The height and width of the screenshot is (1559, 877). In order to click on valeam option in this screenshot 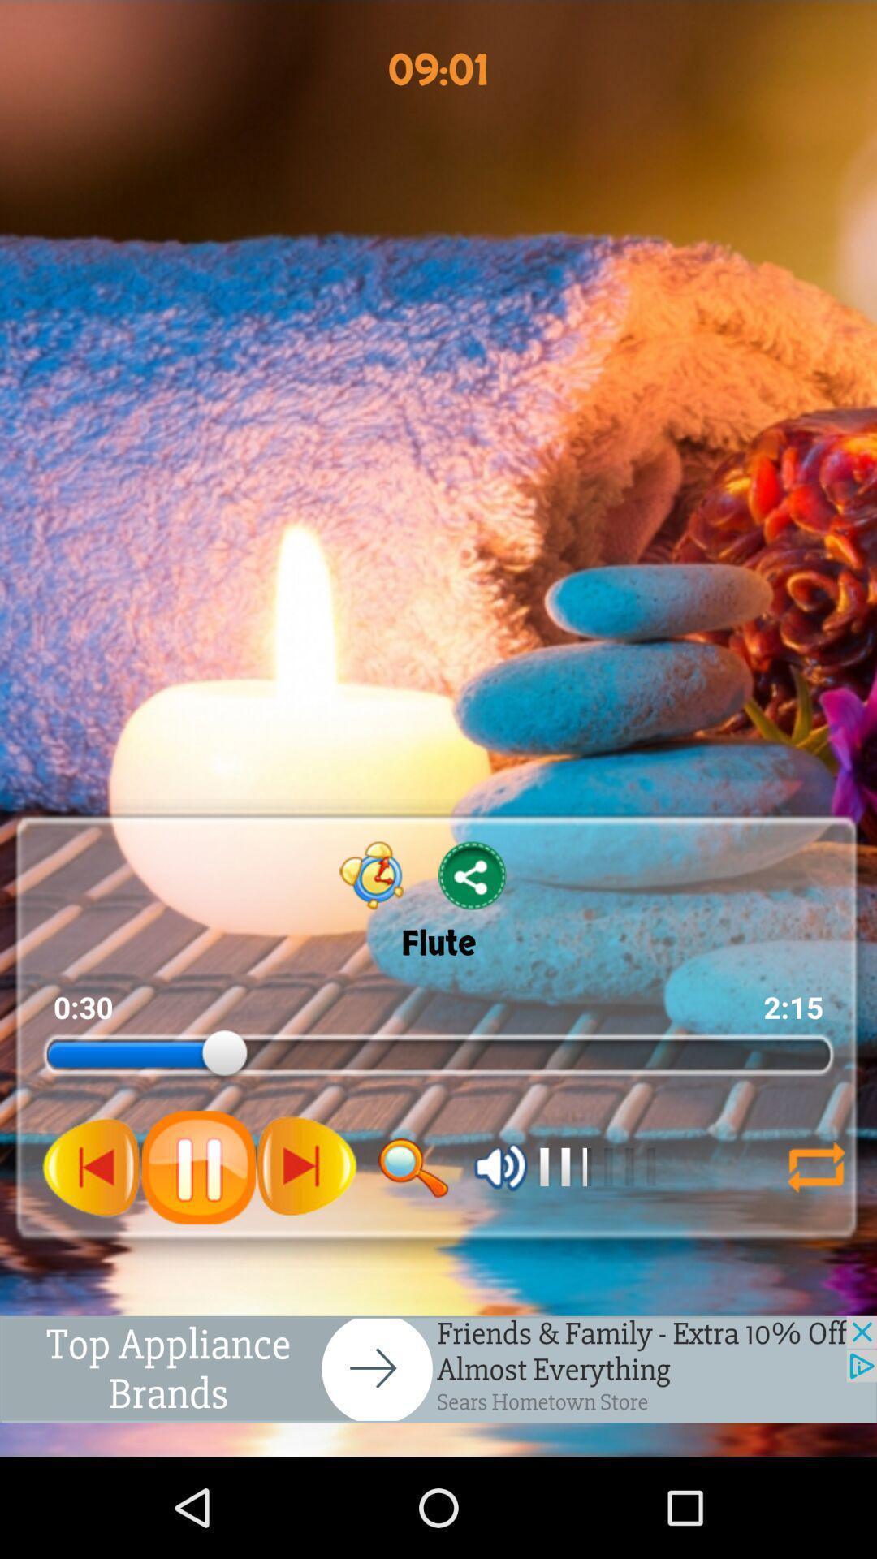, I will do `click(500, 1166)`.